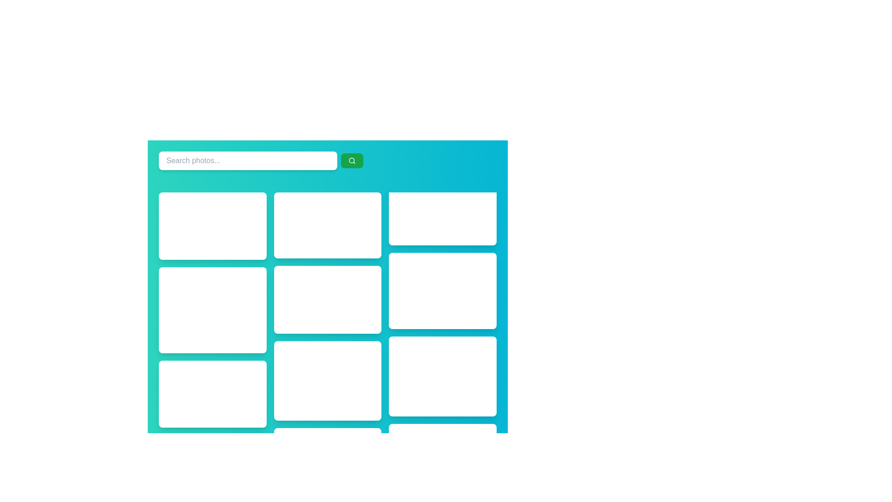 This screenshot has width=892, height=502. Describe the element at coordinates (328, 299) in the screenshot. I see `the white card with rounded corners labeled 'Photo 6', located centrally in the second row and second column of the grid layout` at that location.